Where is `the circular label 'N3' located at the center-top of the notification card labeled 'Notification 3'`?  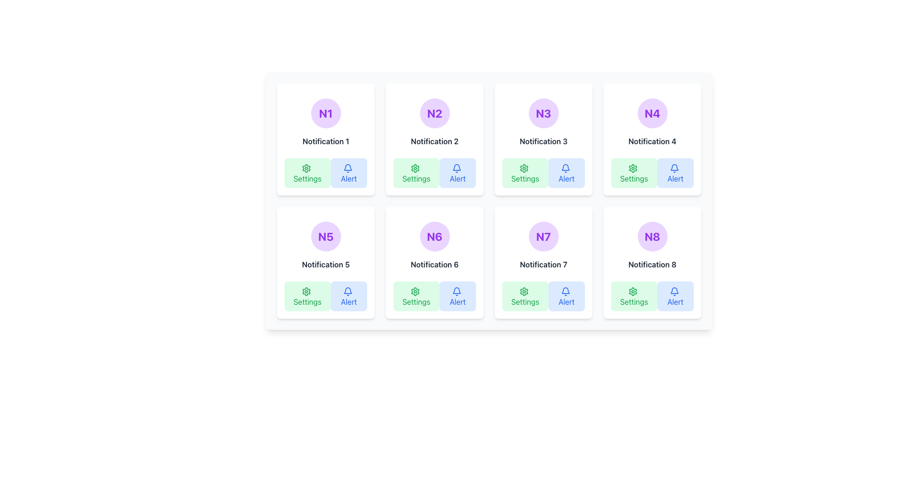
the circular label 'N3' located at the center-top of the notification card labeled 'Notification 3' is located at coordinates (543, 113).